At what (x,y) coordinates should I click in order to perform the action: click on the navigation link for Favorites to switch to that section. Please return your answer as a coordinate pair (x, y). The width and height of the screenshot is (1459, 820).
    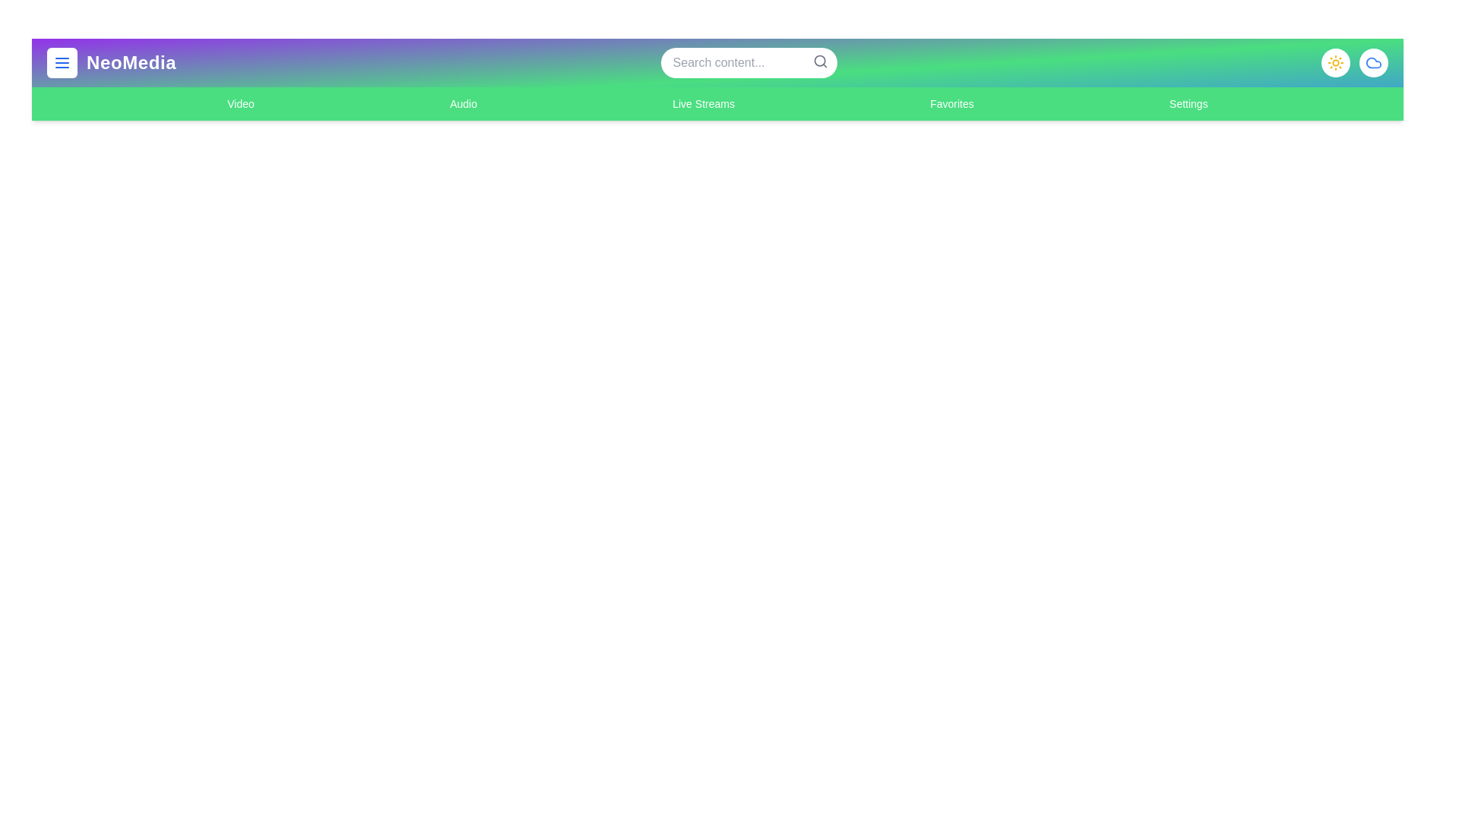
    Looking at the image, I should click on (951, 103).